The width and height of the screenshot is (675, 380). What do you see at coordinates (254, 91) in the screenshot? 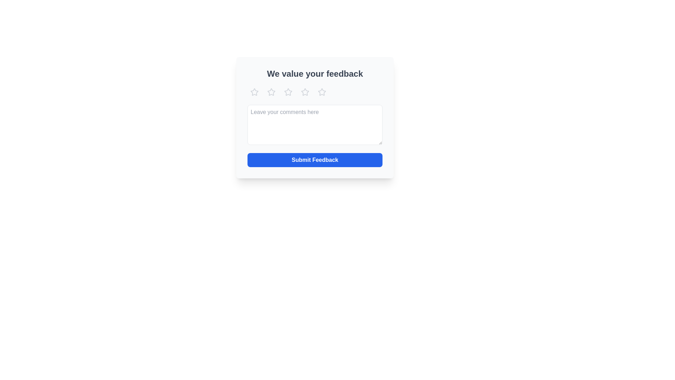
I see `the first star-shaped rating icon, which is the leftmost star in a horizontal row of five stars` at bounding box center [254, 91].